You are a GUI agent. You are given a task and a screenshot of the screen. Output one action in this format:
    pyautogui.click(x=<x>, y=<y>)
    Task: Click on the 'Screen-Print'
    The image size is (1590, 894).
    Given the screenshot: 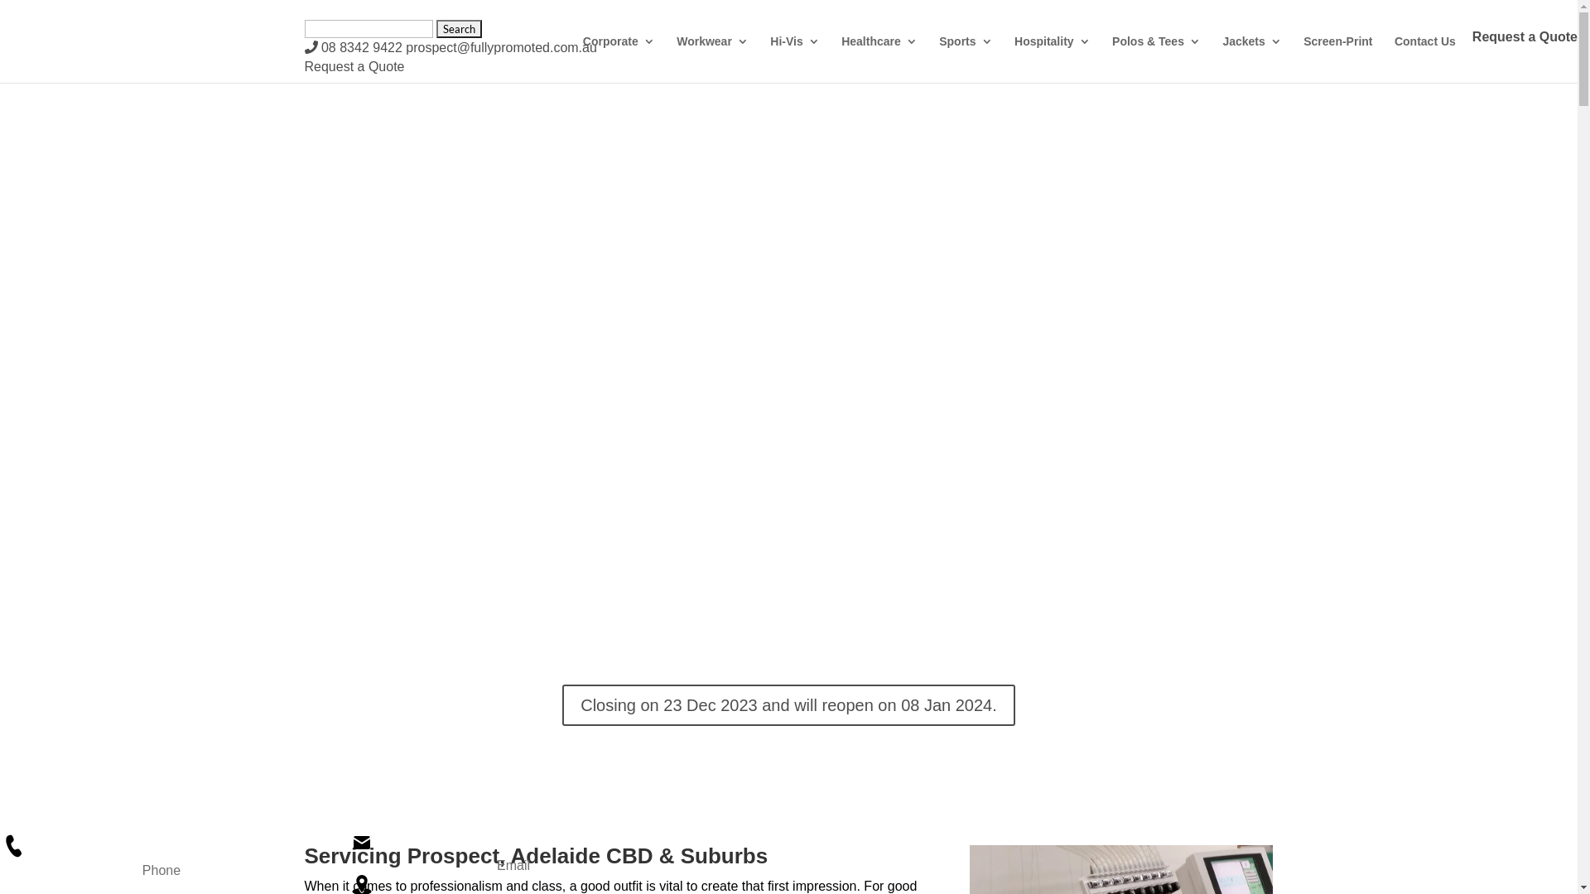 What is the action you would take?
    pyautogui.click(x=1337, y=54)
    